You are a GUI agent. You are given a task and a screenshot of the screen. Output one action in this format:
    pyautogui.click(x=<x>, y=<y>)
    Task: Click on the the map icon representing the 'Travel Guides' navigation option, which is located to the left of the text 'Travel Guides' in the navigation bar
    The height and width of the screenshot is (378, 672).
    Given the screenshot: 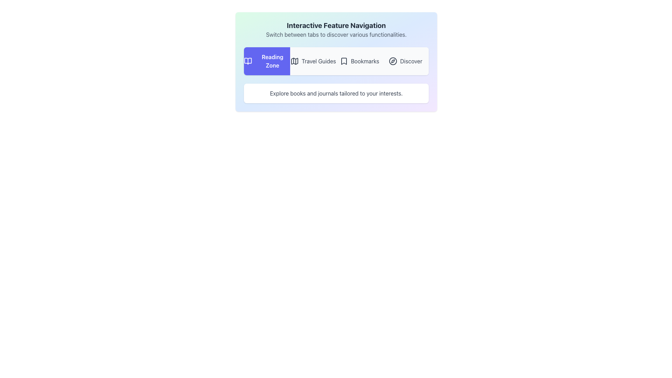 What is the action you would take?
    pyautogui.click(x=294, y=61)
    